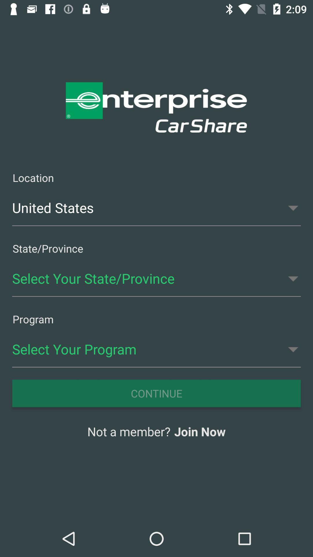 The image size is (313, 557). Describe the element at coordinates (156, 393) in the screenshot. I see `the item below select your program icon` at that location.